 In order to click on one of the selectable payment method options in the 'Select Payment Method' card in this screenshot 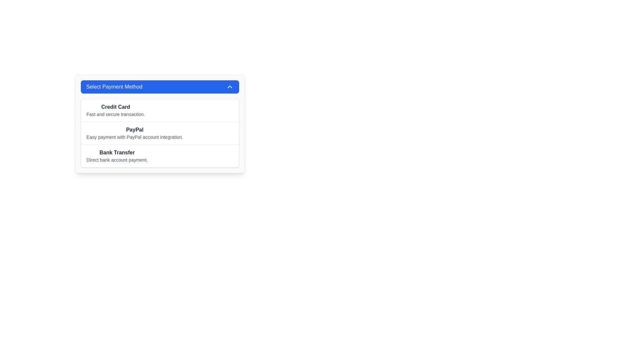, I will do `click(160, 133)`.